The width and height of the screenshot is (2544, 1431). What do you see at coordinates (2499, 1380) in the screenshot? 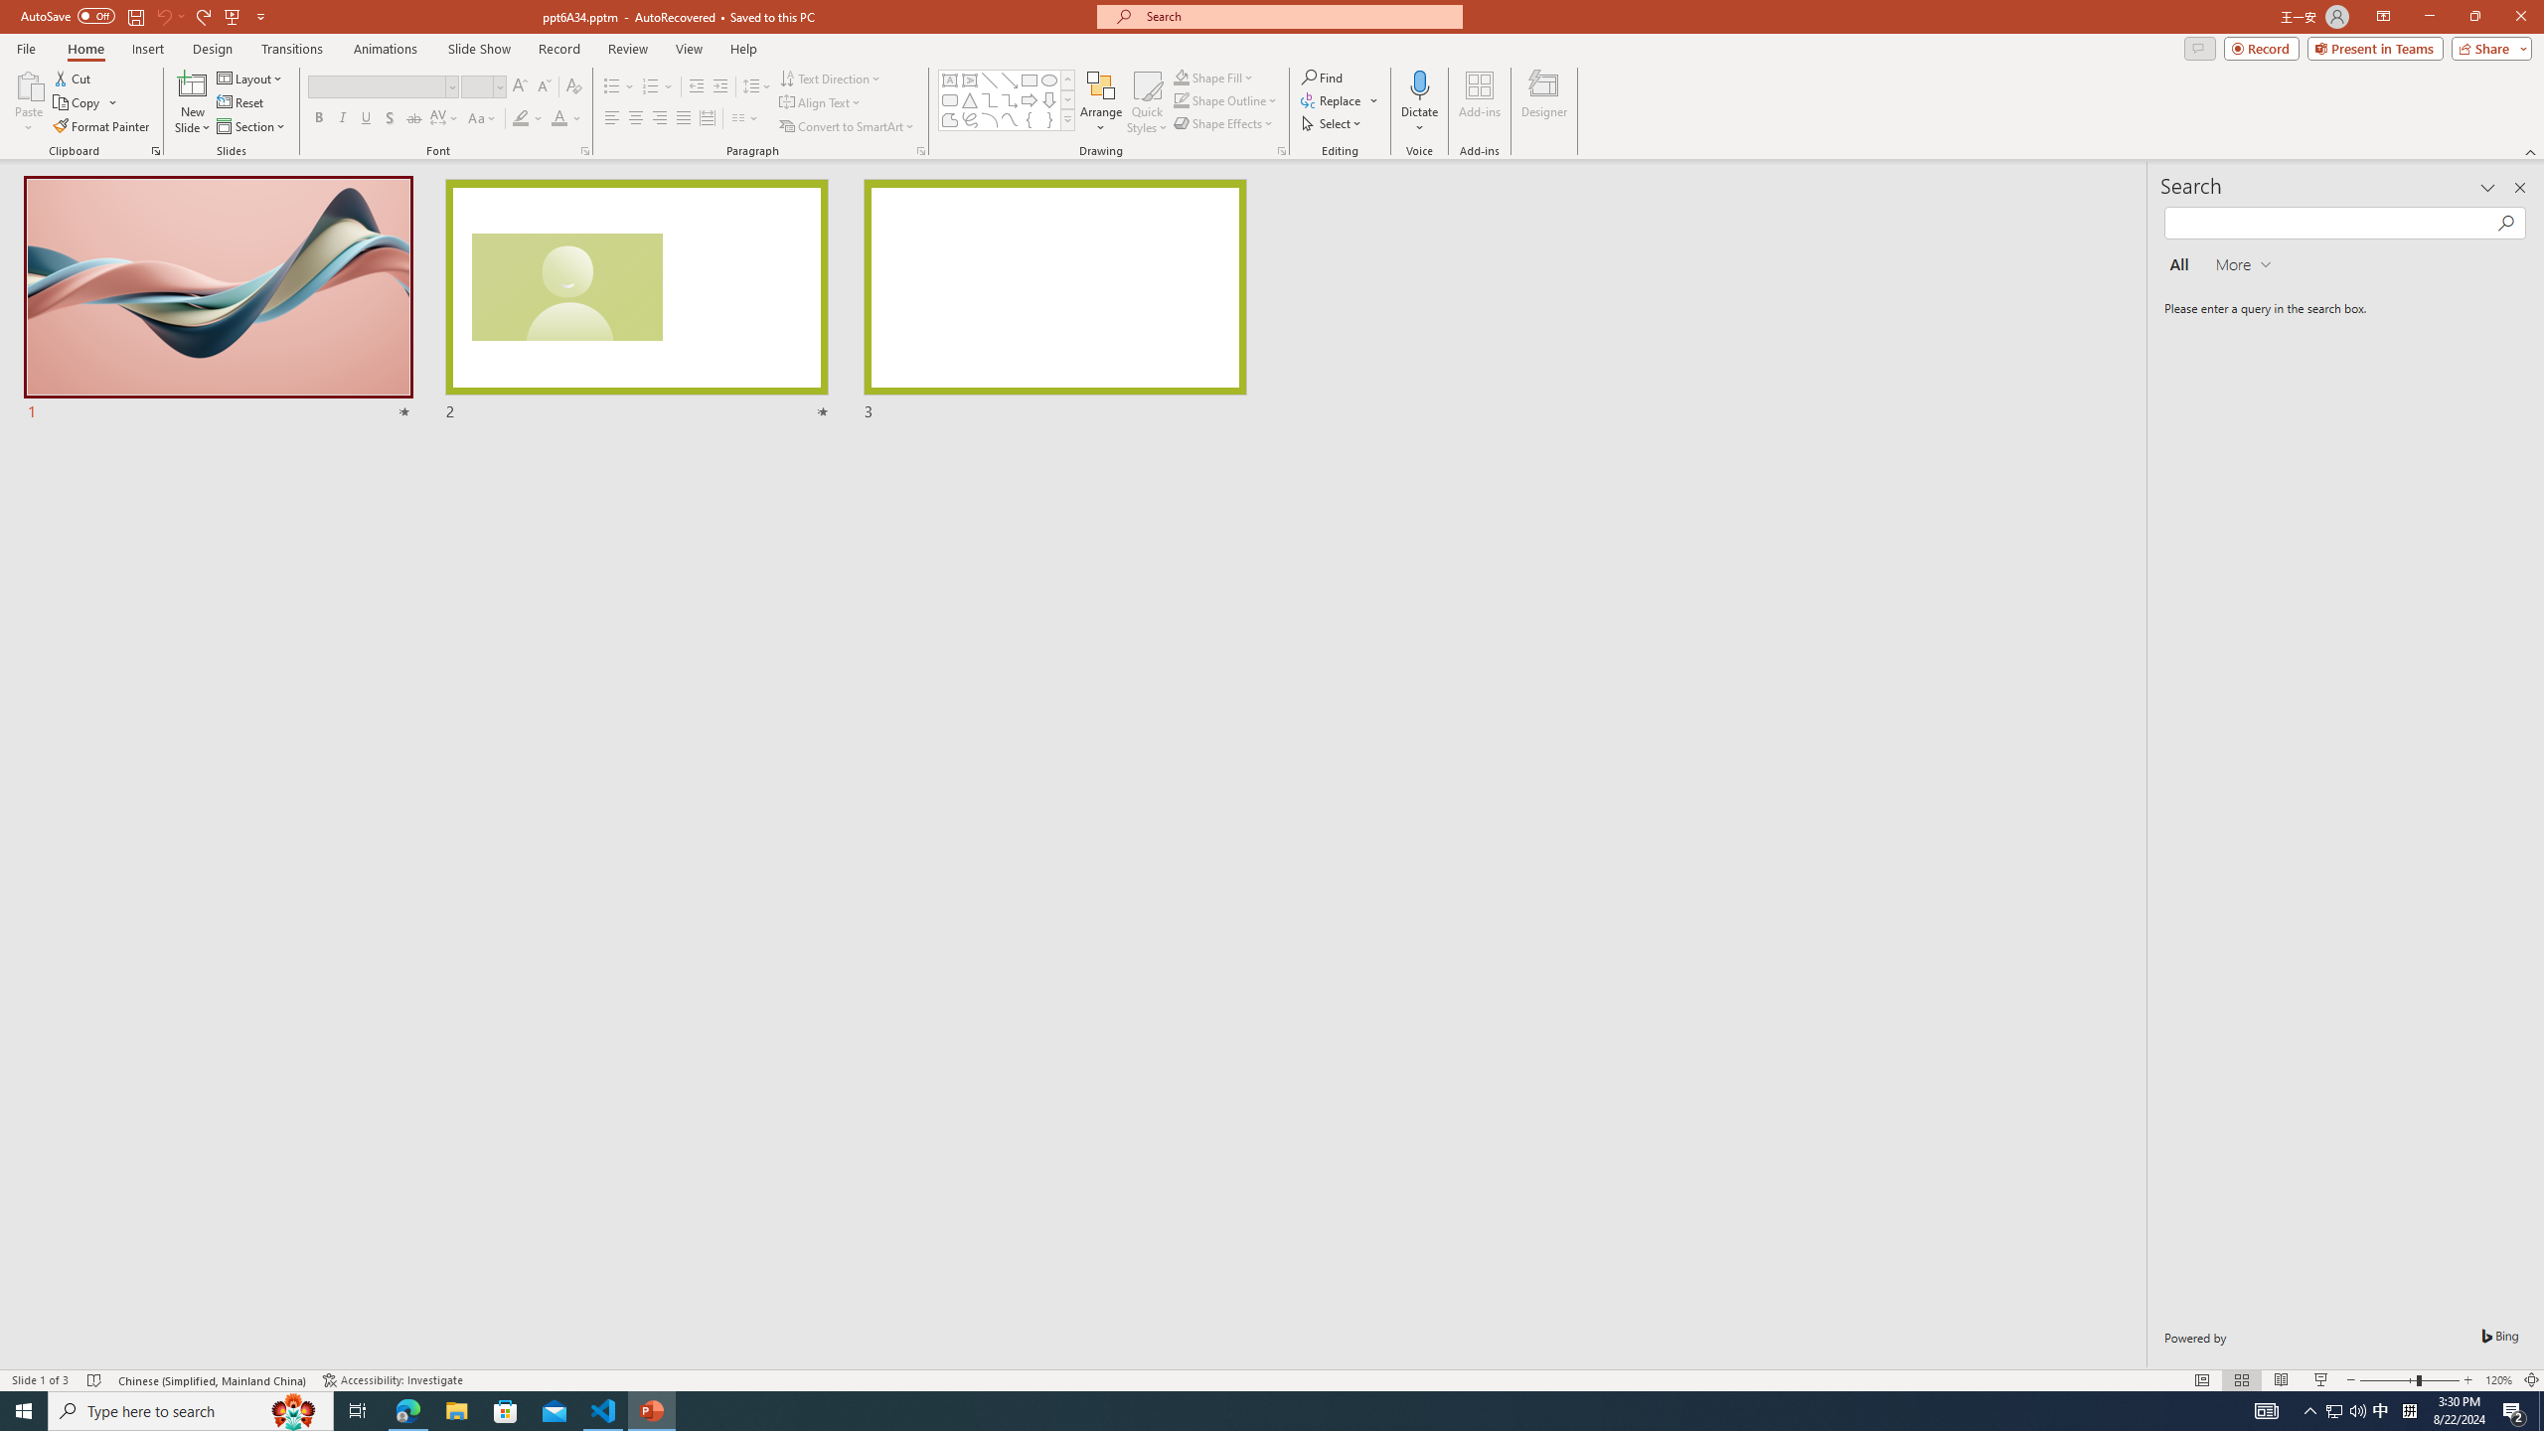
I see `'Zoom 120%'` at bounding box center [2499, 1380].